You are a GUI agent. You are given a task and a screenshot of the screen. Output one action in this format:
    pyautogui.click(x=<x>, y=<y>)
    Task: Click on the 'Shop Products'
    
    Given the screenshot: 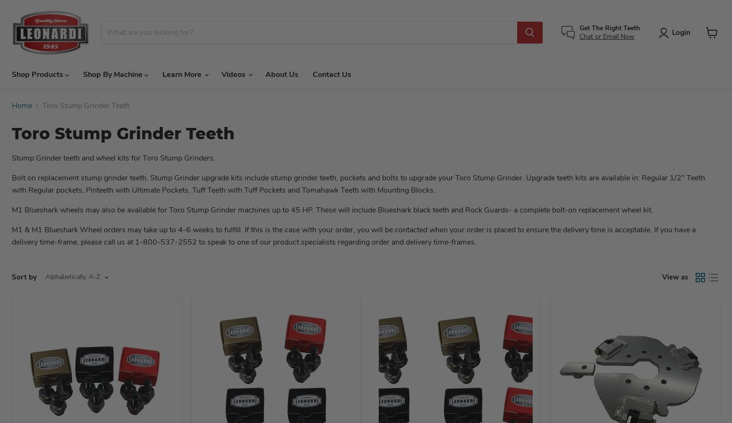 What is the action you would take?
    pyautogui.click(x=38, y=74)
    